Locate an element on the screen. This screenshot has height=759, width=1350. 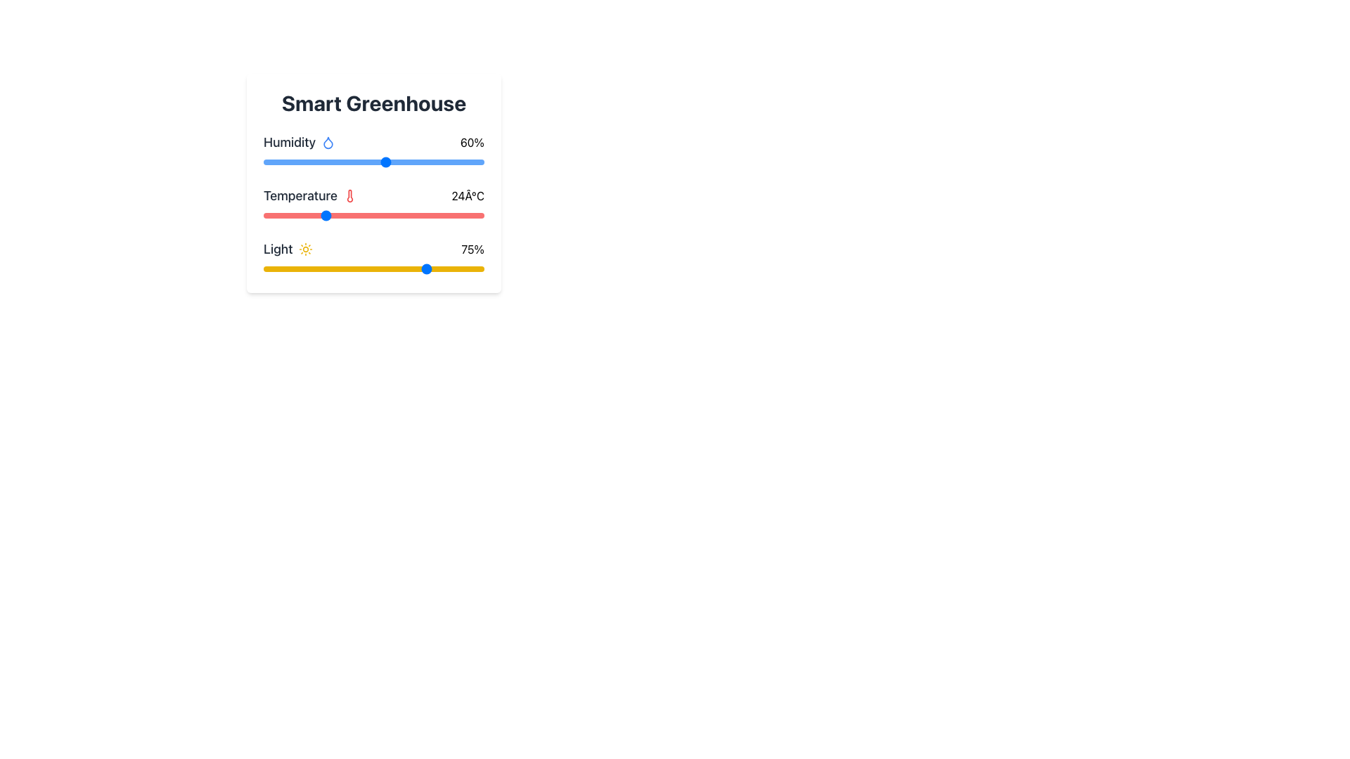
the temperature is located at coordinates (433, 216).